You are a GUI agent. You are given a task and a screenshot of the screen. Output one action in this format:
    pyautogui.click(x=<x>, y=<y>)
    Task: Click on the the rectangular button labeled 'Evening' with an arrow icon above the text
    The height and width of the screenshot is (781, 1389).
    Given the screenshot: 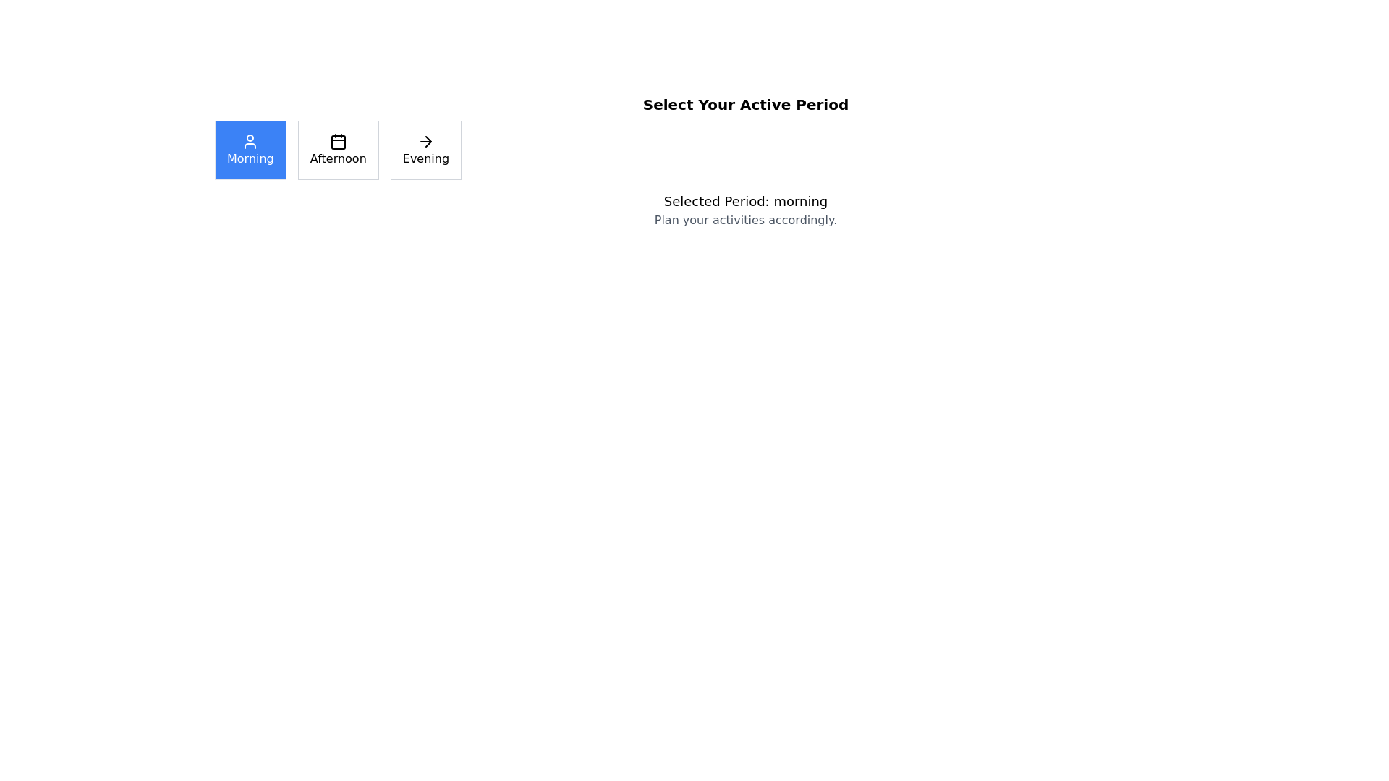 What is the action you would take?
    pyautogui.click(x=425, y=150)
    